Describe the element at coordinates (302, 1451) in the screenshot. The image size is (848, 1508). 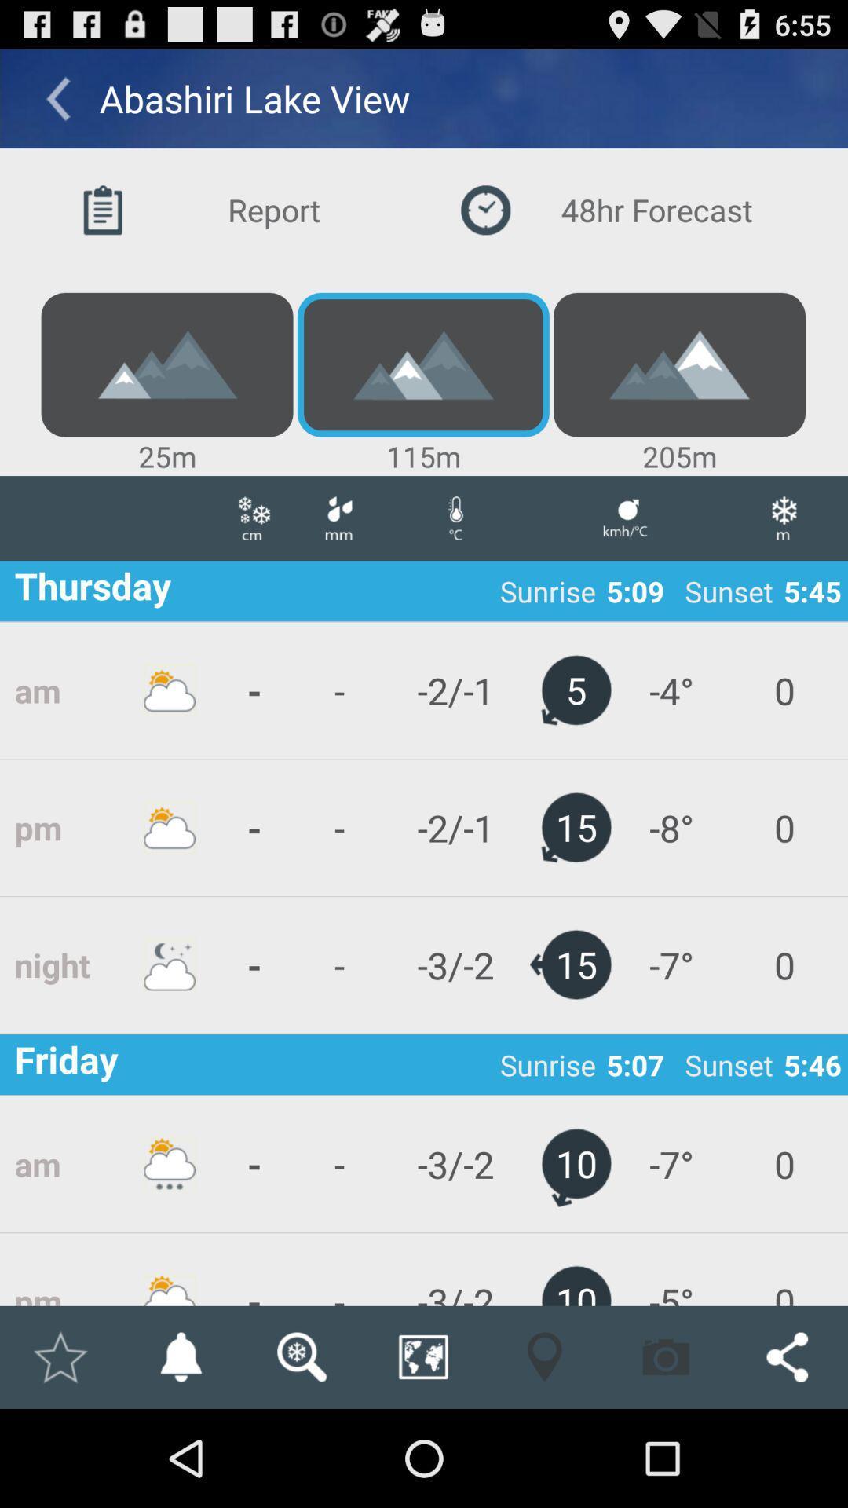
I see `the search icon` at that location.